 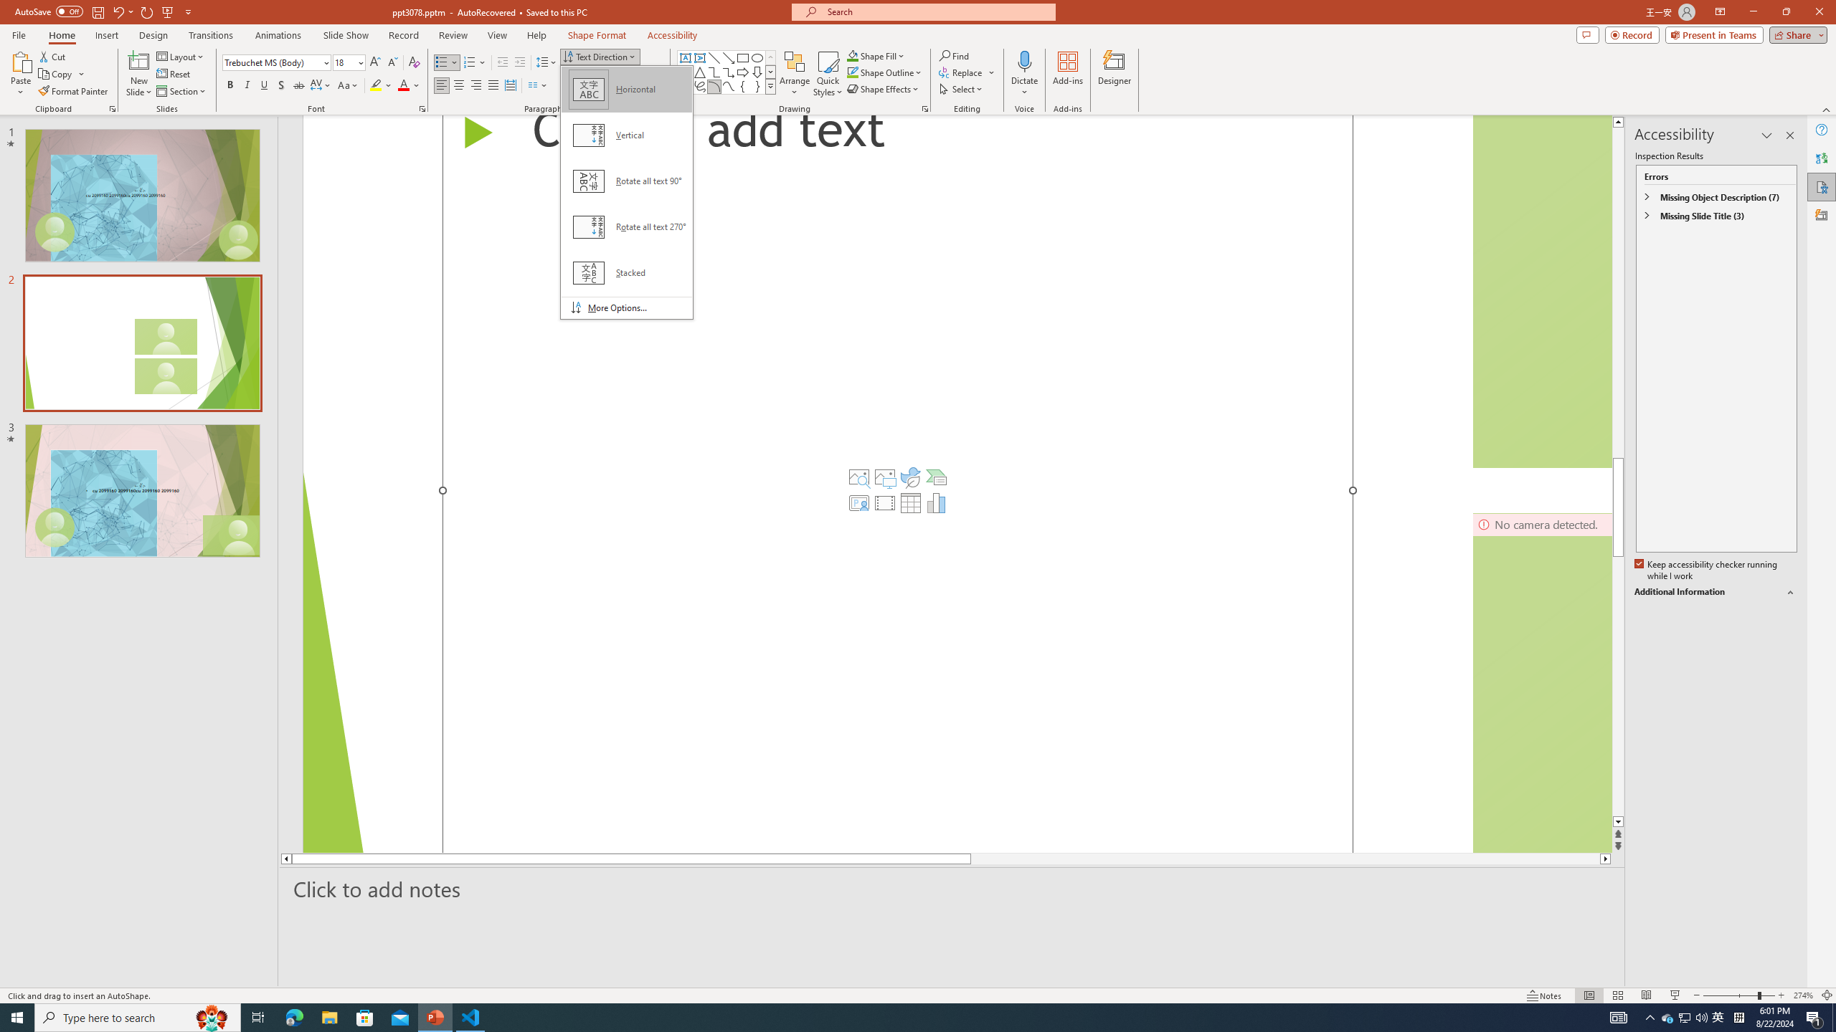 I want to click on 'Shape Outline Green, Accent 1', so click(x=853, y=71).